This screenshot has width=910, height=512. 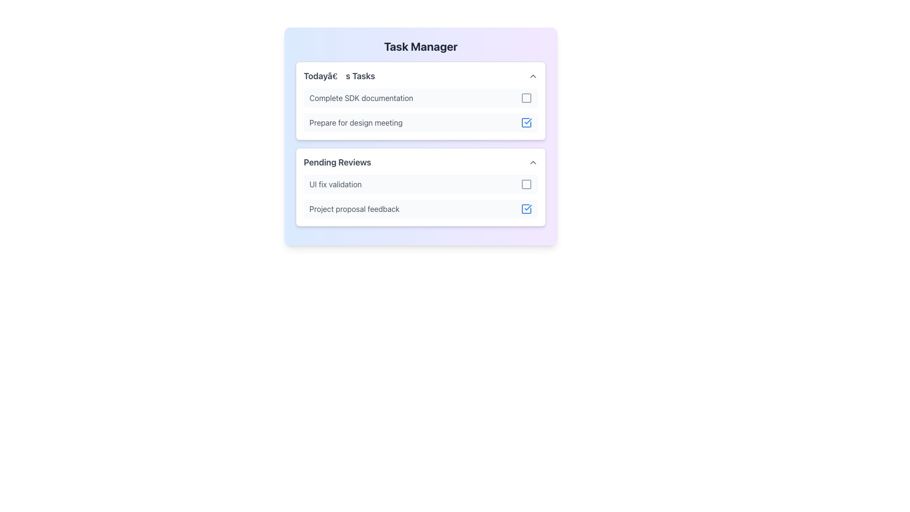 I want to click on the button located in the 'Pending Reviews' section, which is aligned to the far-right edge of the list item titled 'UI fix validation', so click(x=526, y=184).